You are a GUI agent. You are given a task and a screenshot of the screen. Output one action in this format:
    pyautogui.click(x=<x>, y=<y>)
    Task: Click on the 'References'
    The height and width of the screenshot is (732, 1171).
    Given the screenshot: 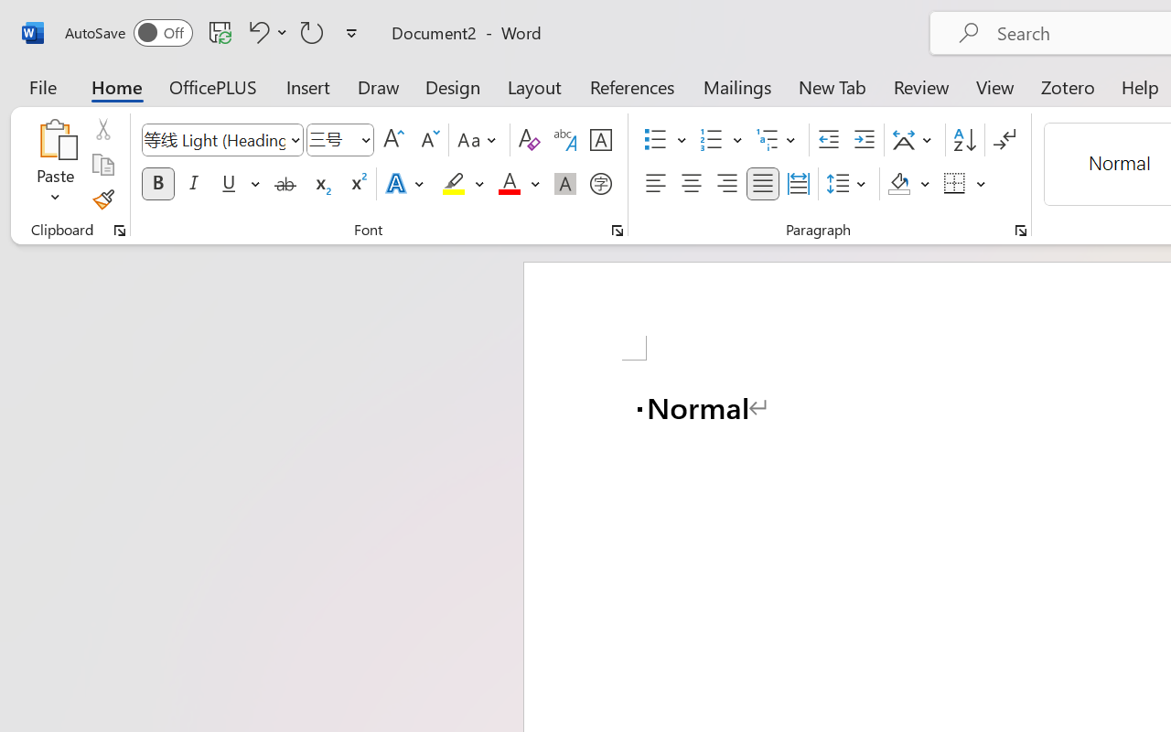 What is the action you would take?
    pyautogui.click(x=632, y=86)
    